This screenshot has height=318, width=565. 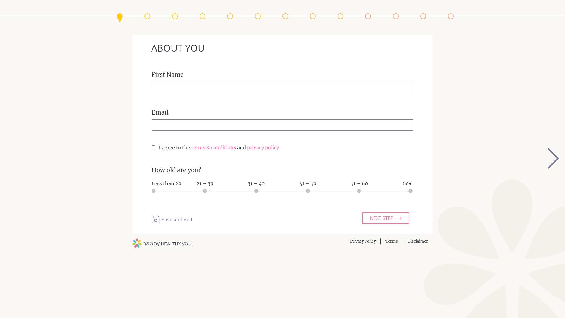 What do you see at coordinates (385, 218) in the screenshot?
I see `'NEXT STEP'` at bounding box center [385, 218].